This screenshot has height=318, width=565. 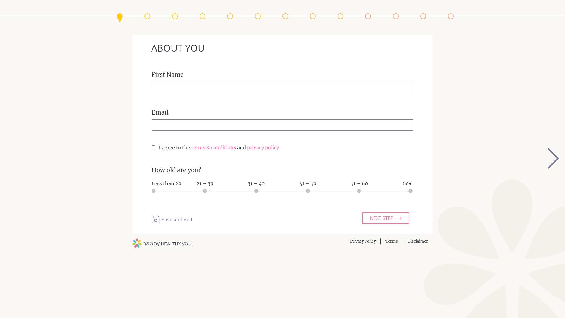 What do you see at coordinates (385, 218) in the screenshot?
I see `'NEXT STEP'` at bounding box center [385, 218].